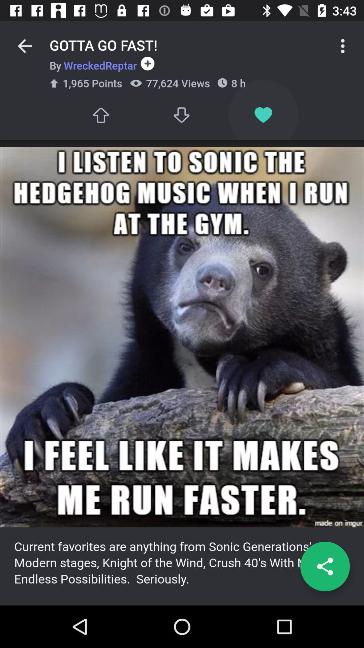 The width and height of the screenshot is (364, 648). Describe the element at coordinates (182, 115) in the screenshot. I see `go down` at that location.